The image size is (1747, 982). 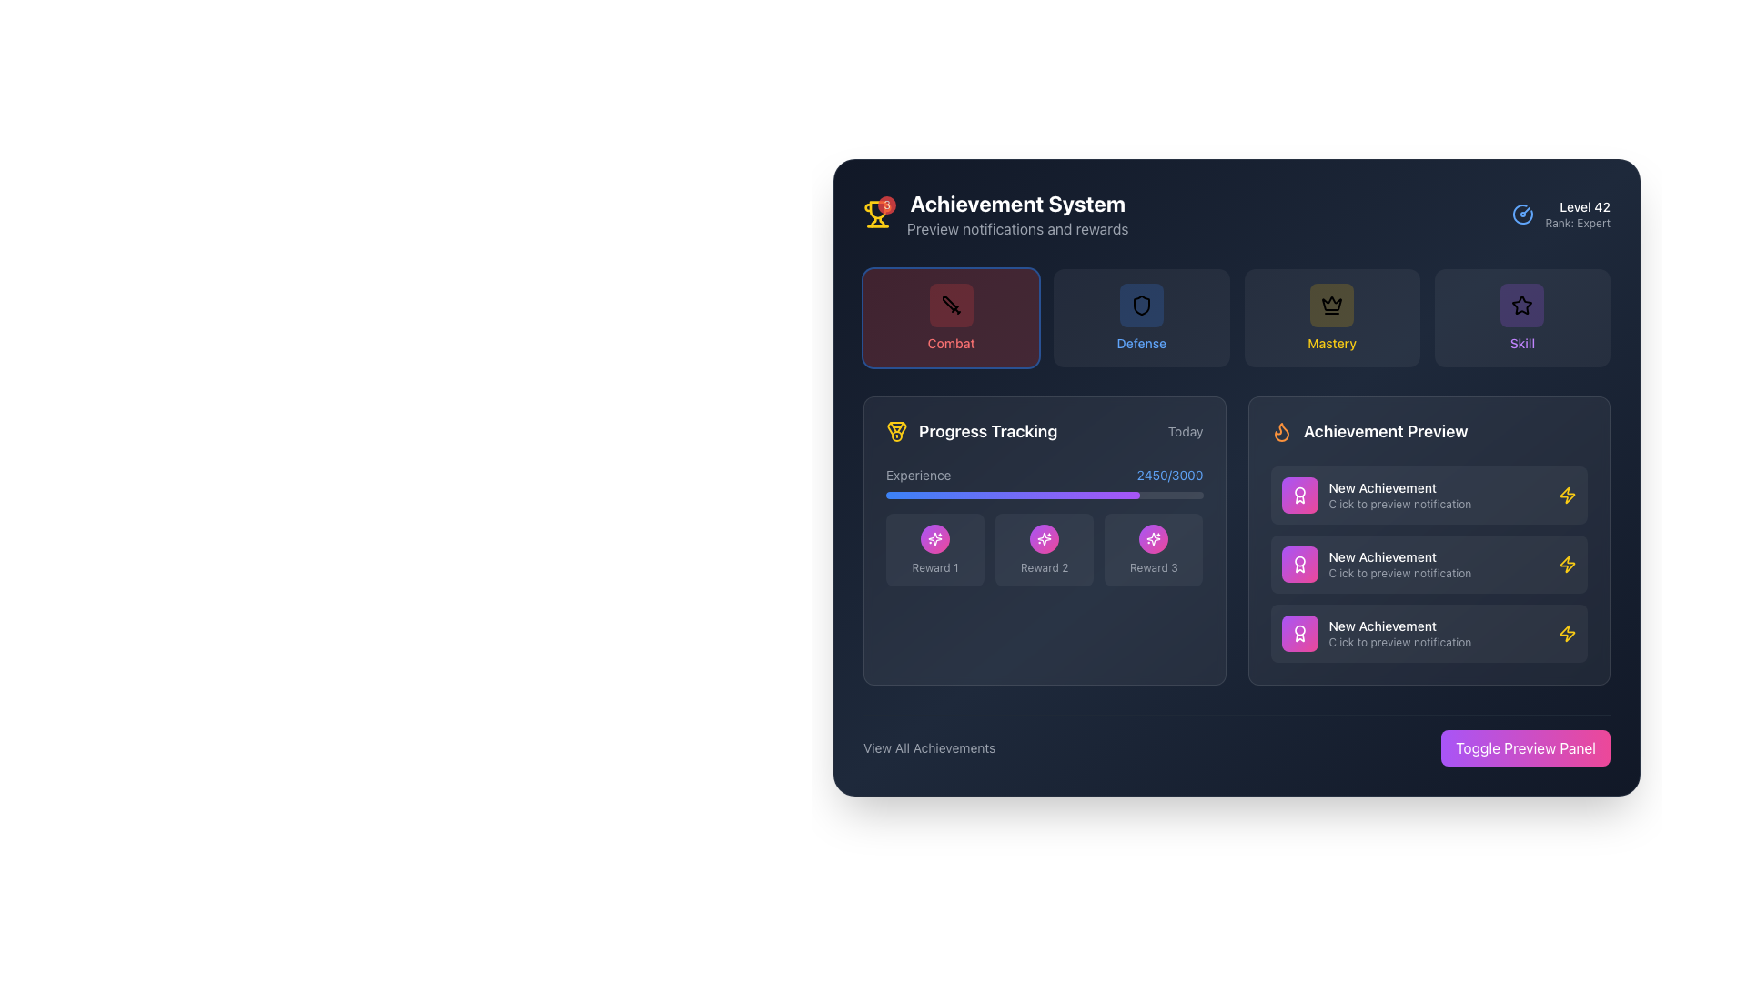 I want to click on the decorative icon located in the upper-right corner of the interface, next to the 'Level 42 Rank: Expert' text, so click(x=1523, y=213).